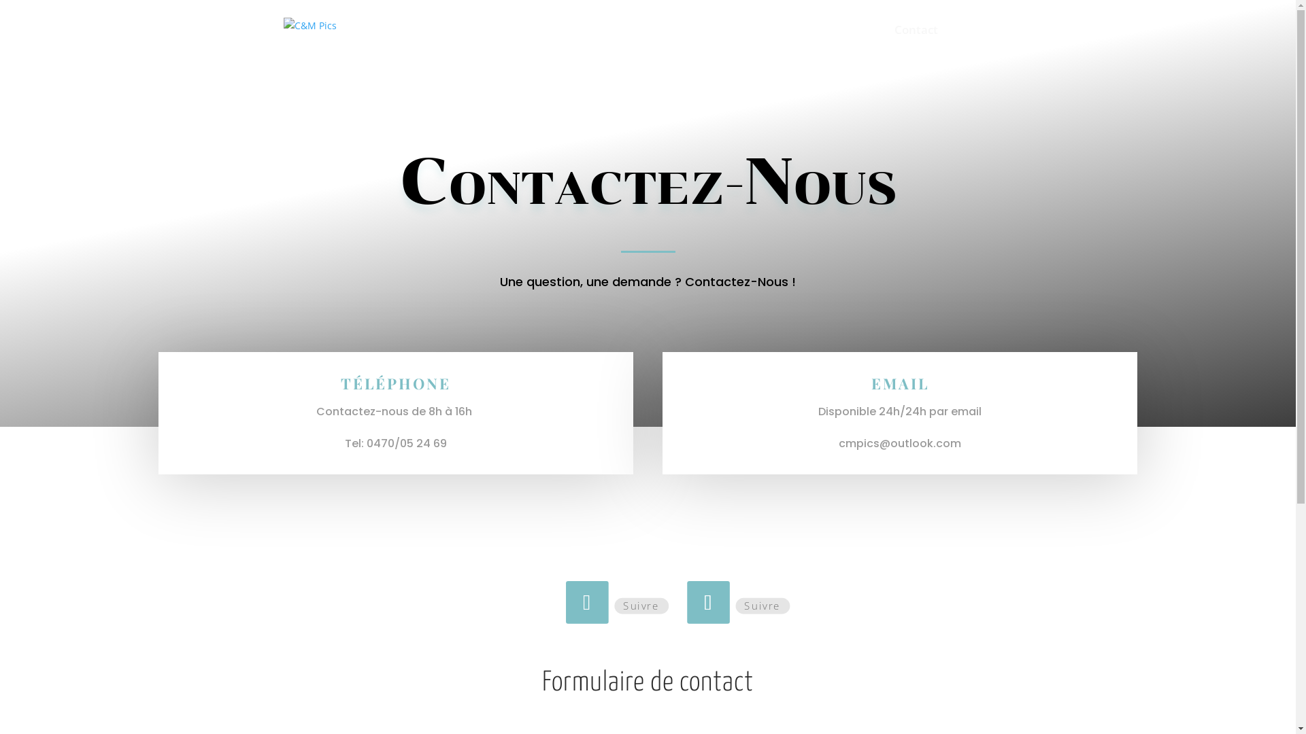 The width and height of the screenshot is (1306, 734). Describe the element at coordinates (613, 605) in the screenshot. I see `'Suivre'` at that location.